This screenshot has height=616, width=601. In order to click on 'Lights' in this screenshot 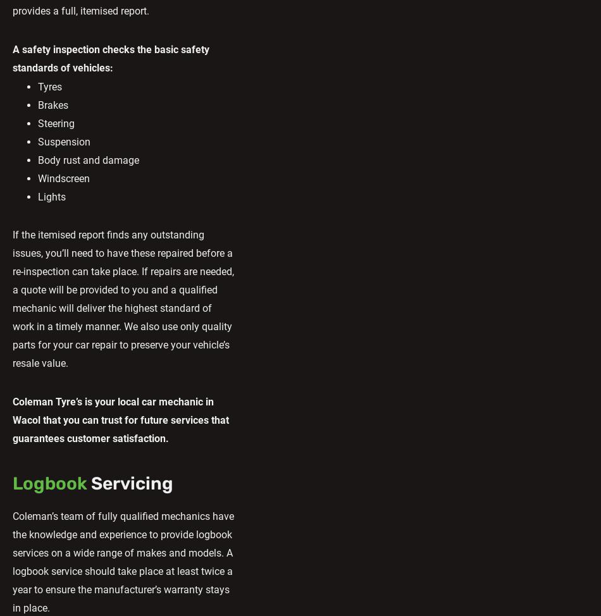, I will do `click(38, 196)`.